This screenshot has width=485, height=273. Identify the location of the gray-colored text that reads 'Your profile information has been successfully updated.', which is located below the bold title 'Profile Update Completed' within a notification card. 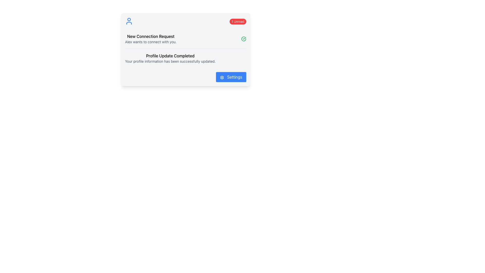
(170, 61).